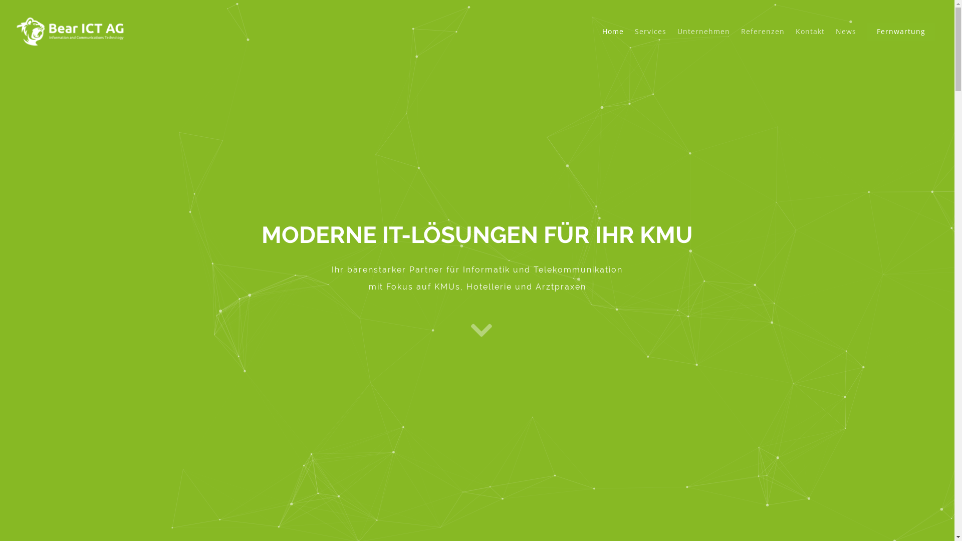 This screenshot has width=962, height=541. What do you see at coordinates (703, 38) in the screenshot?
I see `'Unternehmen'` at bounding box center [703, 38].